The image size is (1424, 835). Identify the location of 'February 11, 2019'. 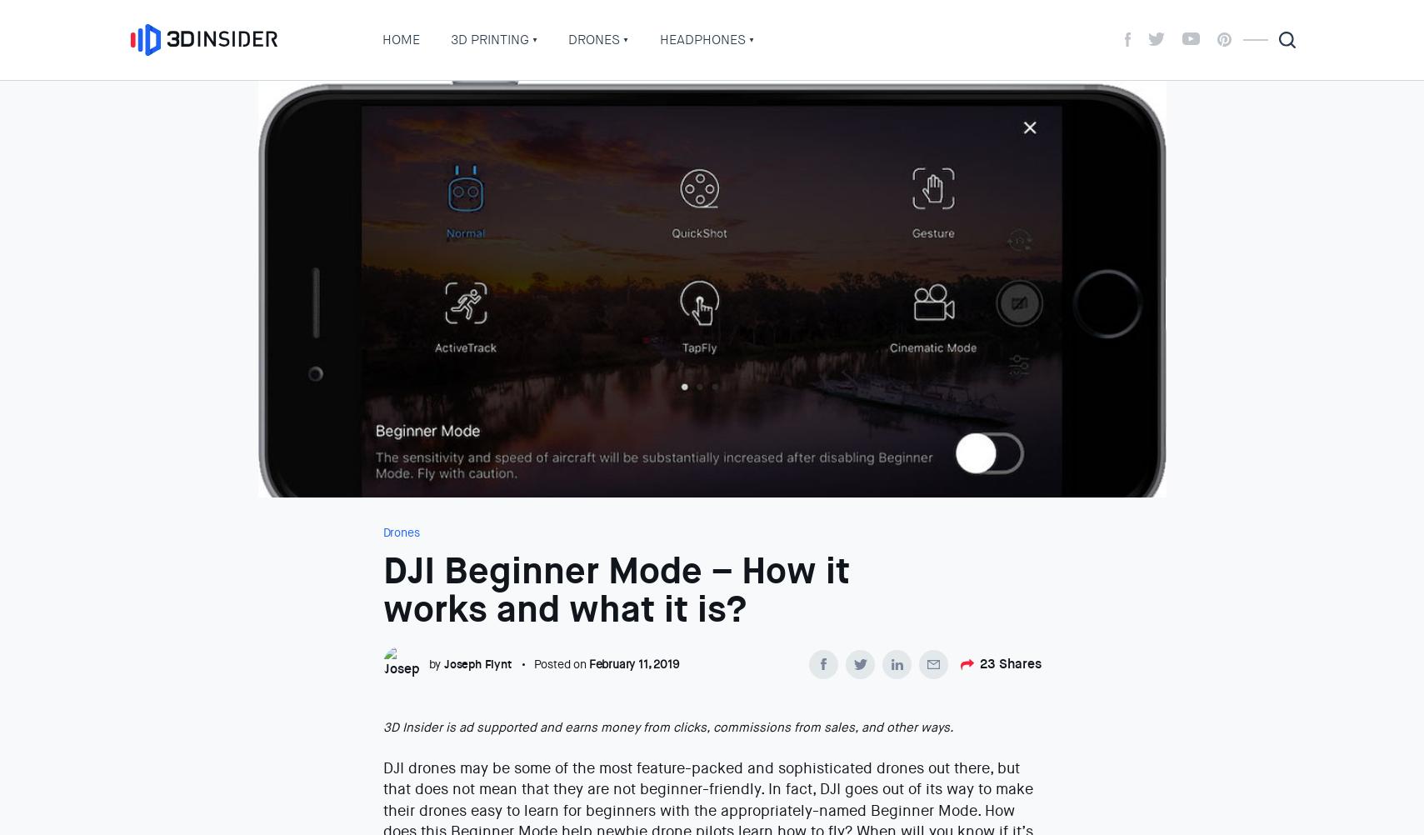
(632, 662).